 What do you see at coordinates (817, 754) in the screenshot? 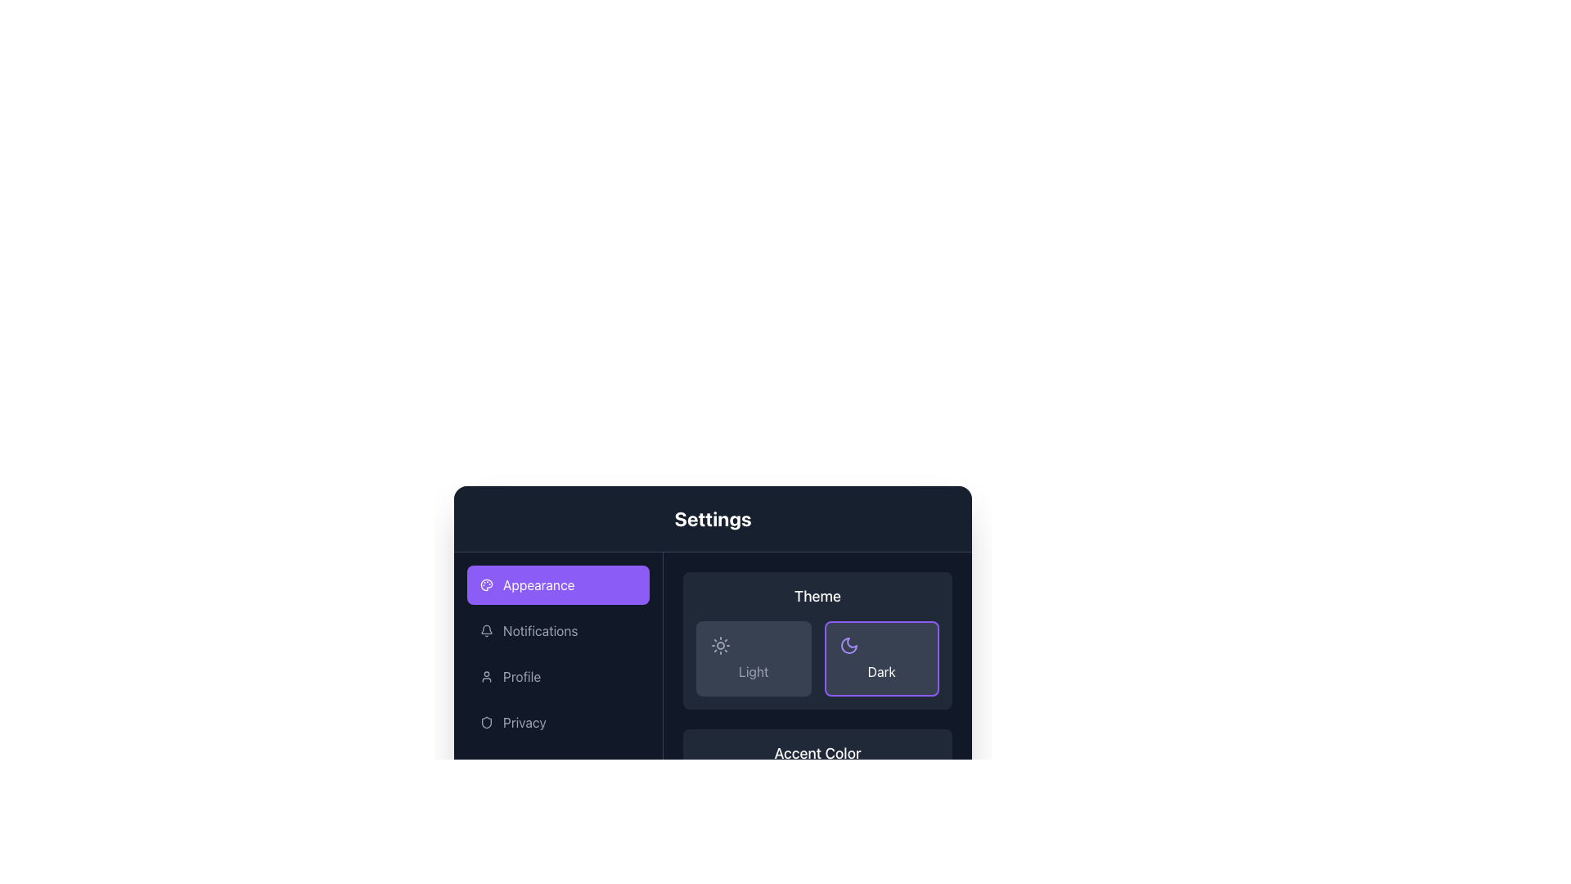
I see `the 'Accent Color' text label, which is displayed in bold white font on a dark background, positioned above the color options in the UI` at bounding box center [817, 754].